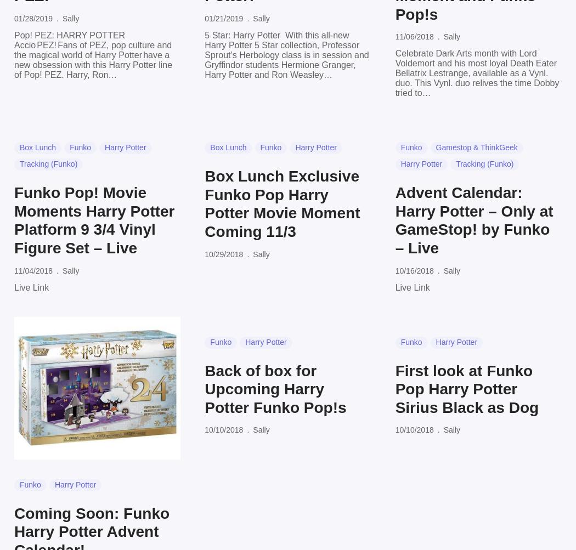  I want to click on 'Funko Pop! Movie Moments Harry Potter Platform 9 3/4 Vinyl Figure Set – Live', so click(94, 219).